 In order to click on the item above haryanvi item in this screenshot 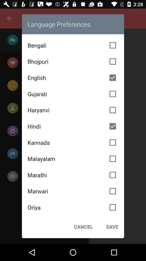, I will do `click(73, 94)`.